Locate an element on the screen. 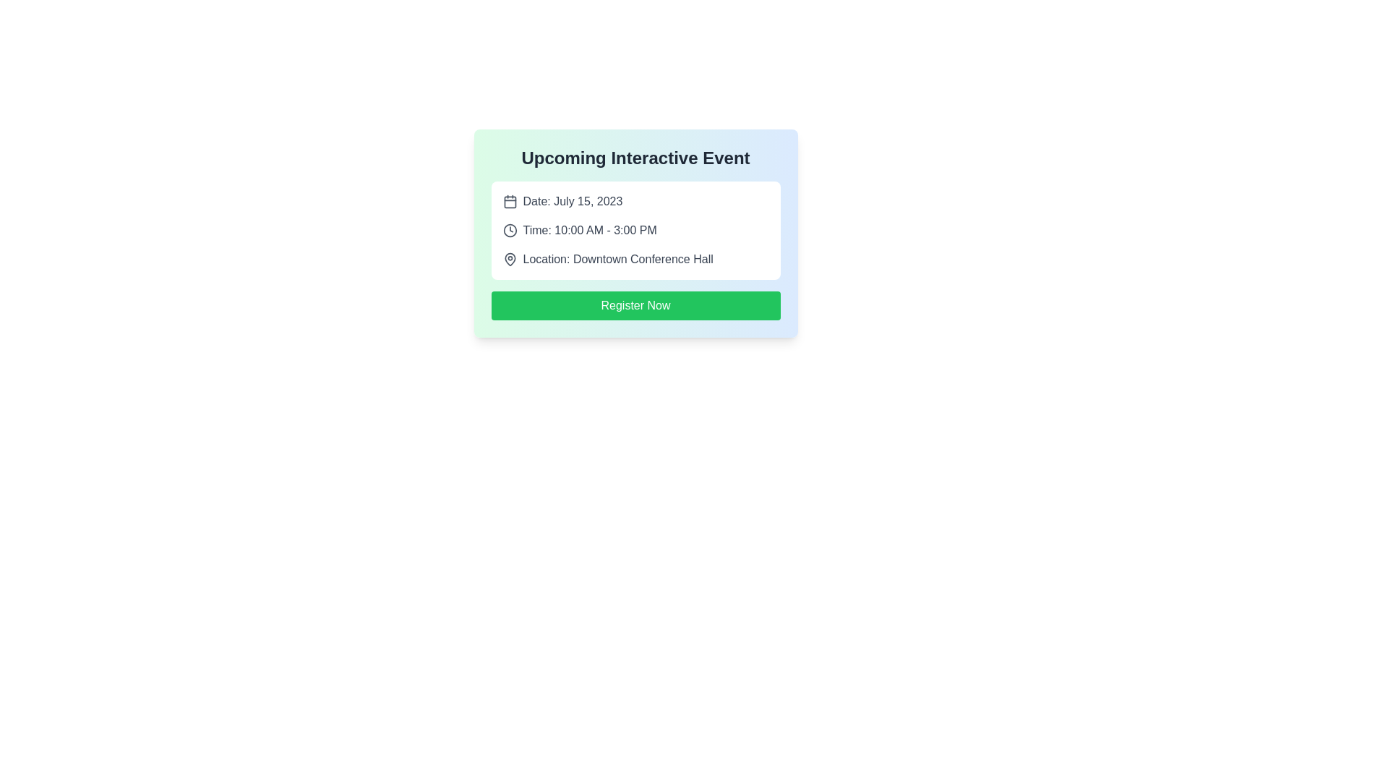 The width and height of the screenshot is (1388, 781). the label with an icon that indicates the location of an event, which is the last entry in a vertical list above the 'Register Now' button and below the 'Time: 10:00 AM - 3:00 PM' element is located at coordinates (635, 258).